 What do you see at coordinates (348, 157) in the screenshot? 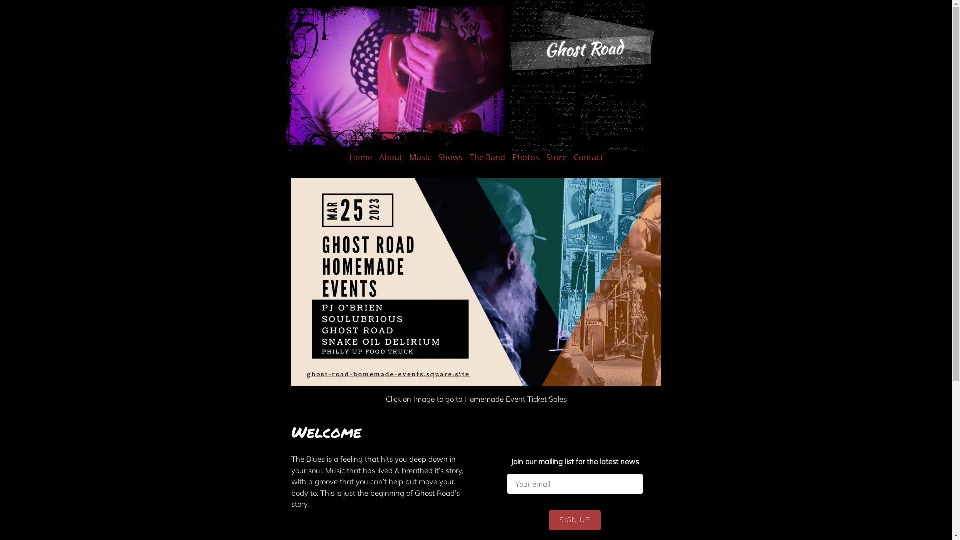
I see `'Home'` at bounding box center [348, 157].